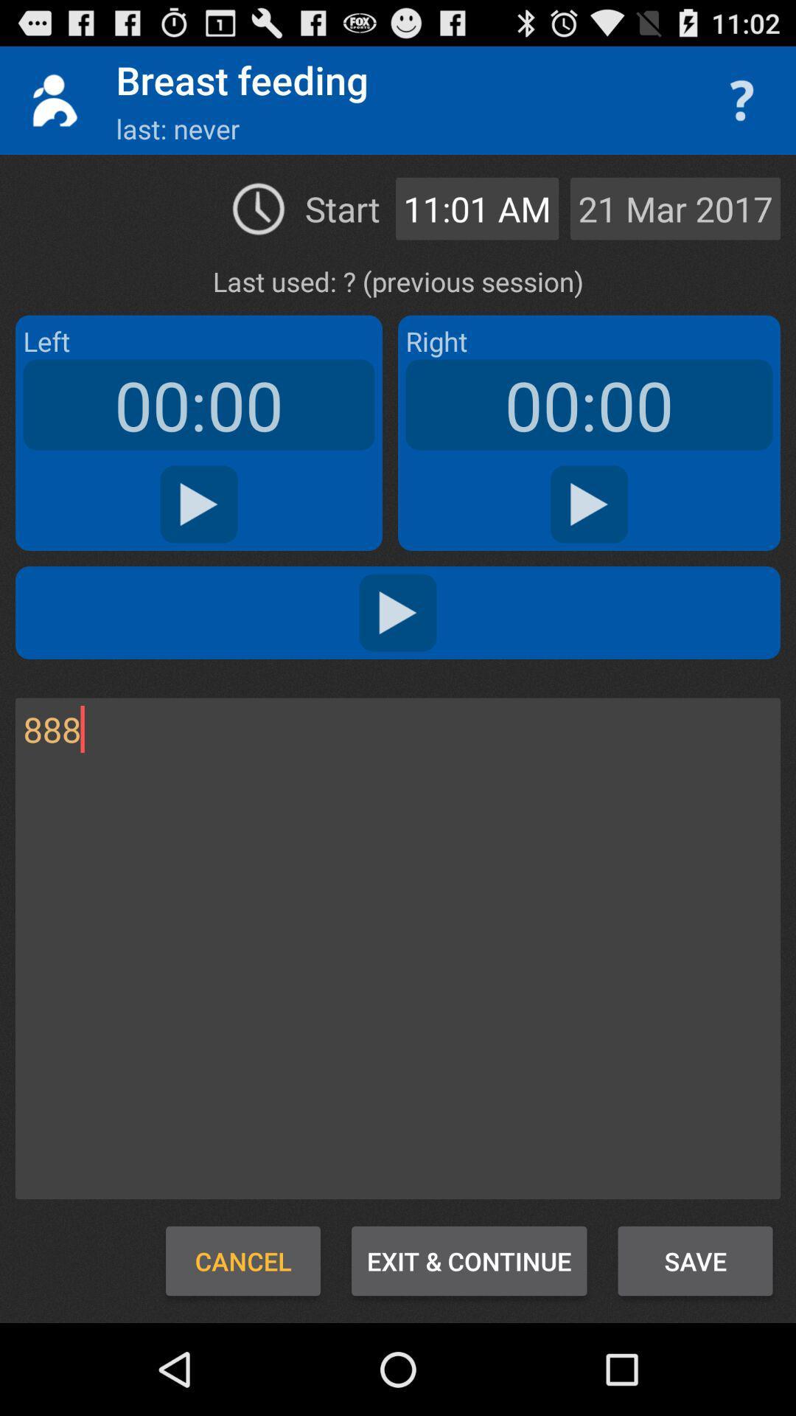 The image size is (796, 1416). I want to click on record feeding minutes, so click(199, 504).